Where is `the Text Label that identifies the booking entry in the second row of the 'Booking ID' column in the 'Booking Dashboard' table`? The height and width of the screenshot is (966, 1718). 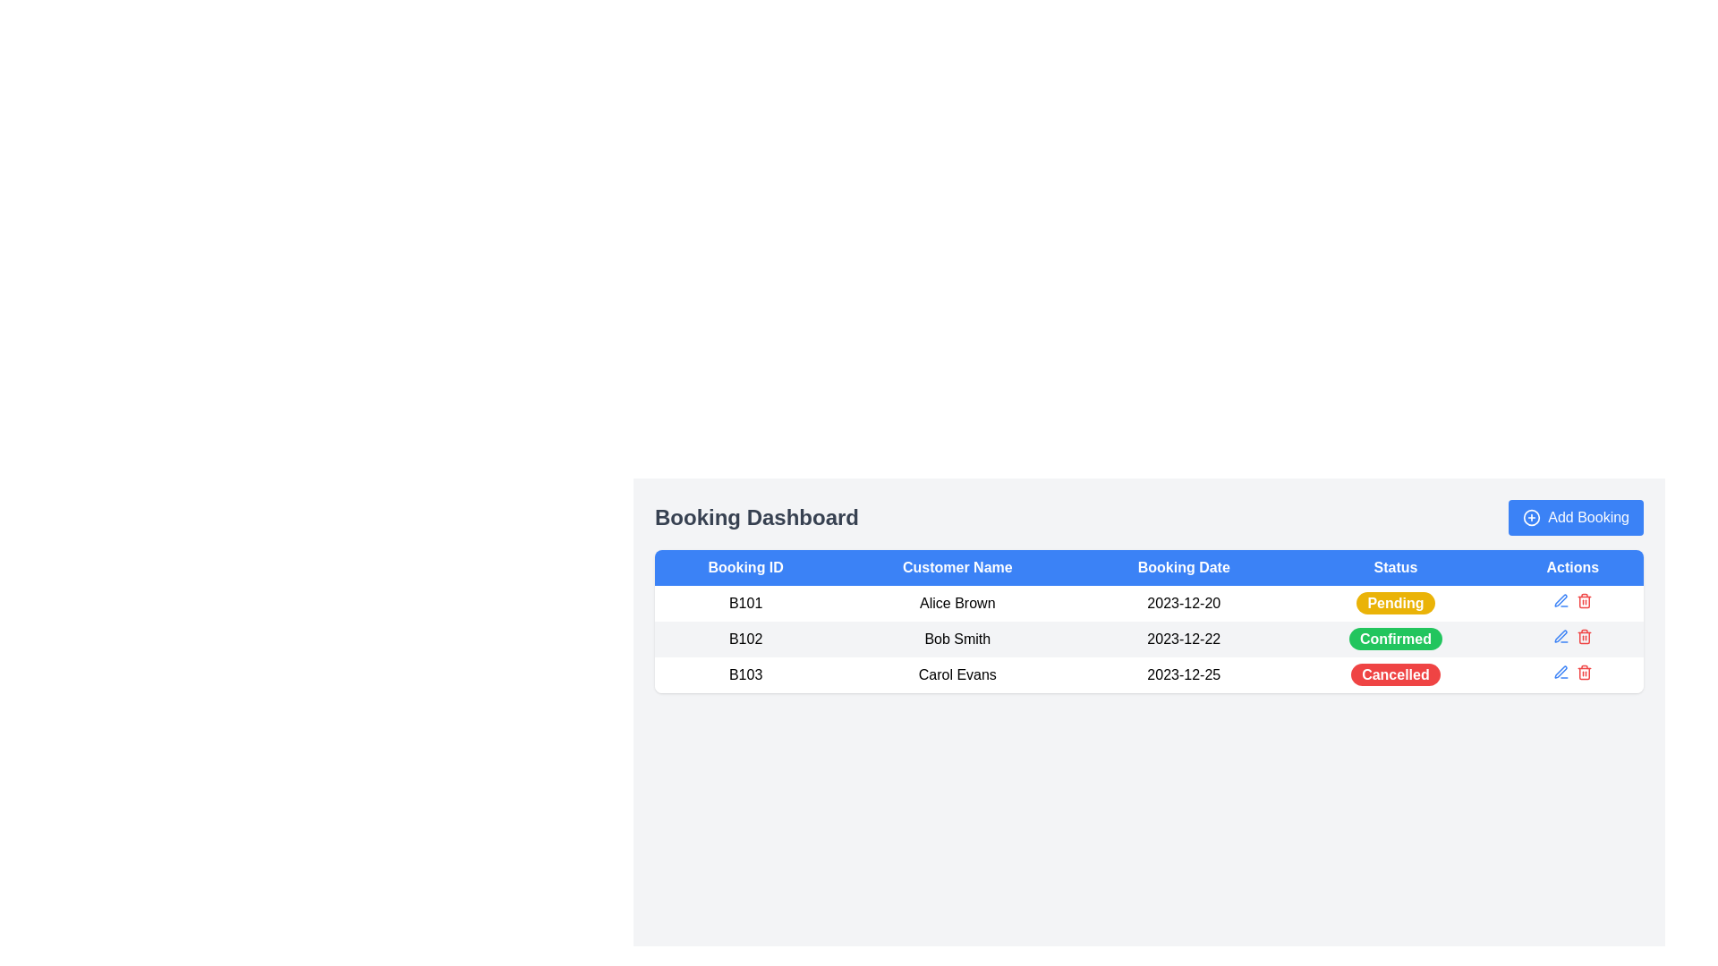
the Text Label that identifies the booking entry in the second row of the 'Booking ID' column in the 'Booking Dashboard' table is located at coordinates (745, 638).